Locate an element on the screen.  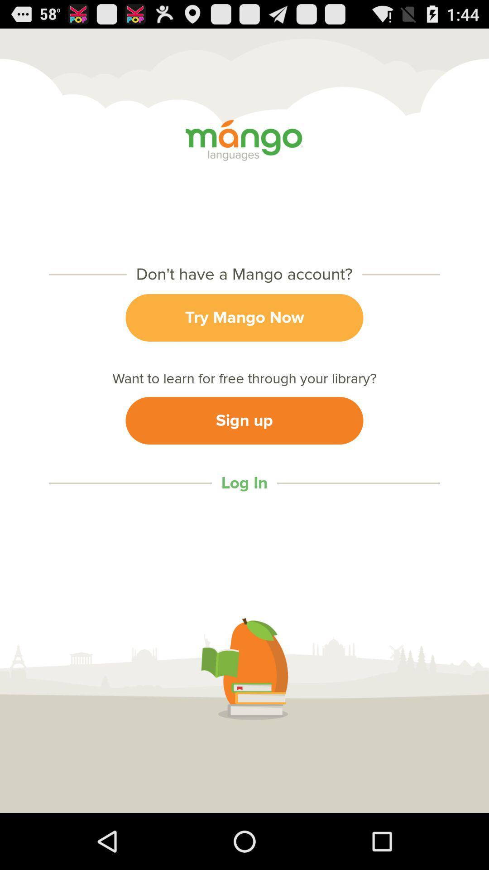
sign up icon is located at coordinates (244, 420).